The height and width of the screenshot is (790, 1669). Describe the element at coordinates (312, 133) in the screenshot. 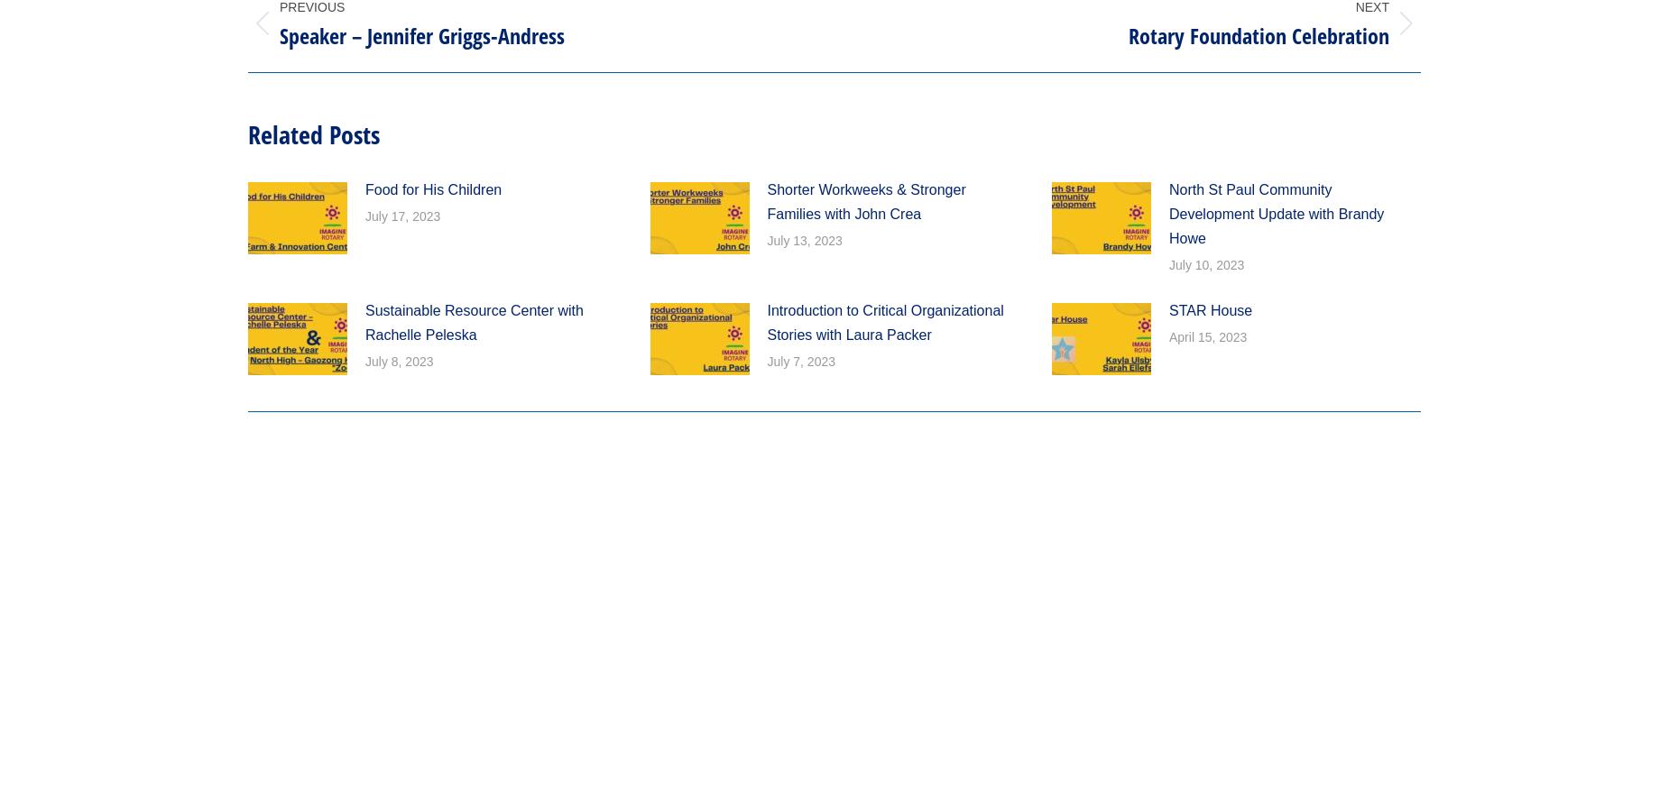

I see `'Related Posts'` at that location.